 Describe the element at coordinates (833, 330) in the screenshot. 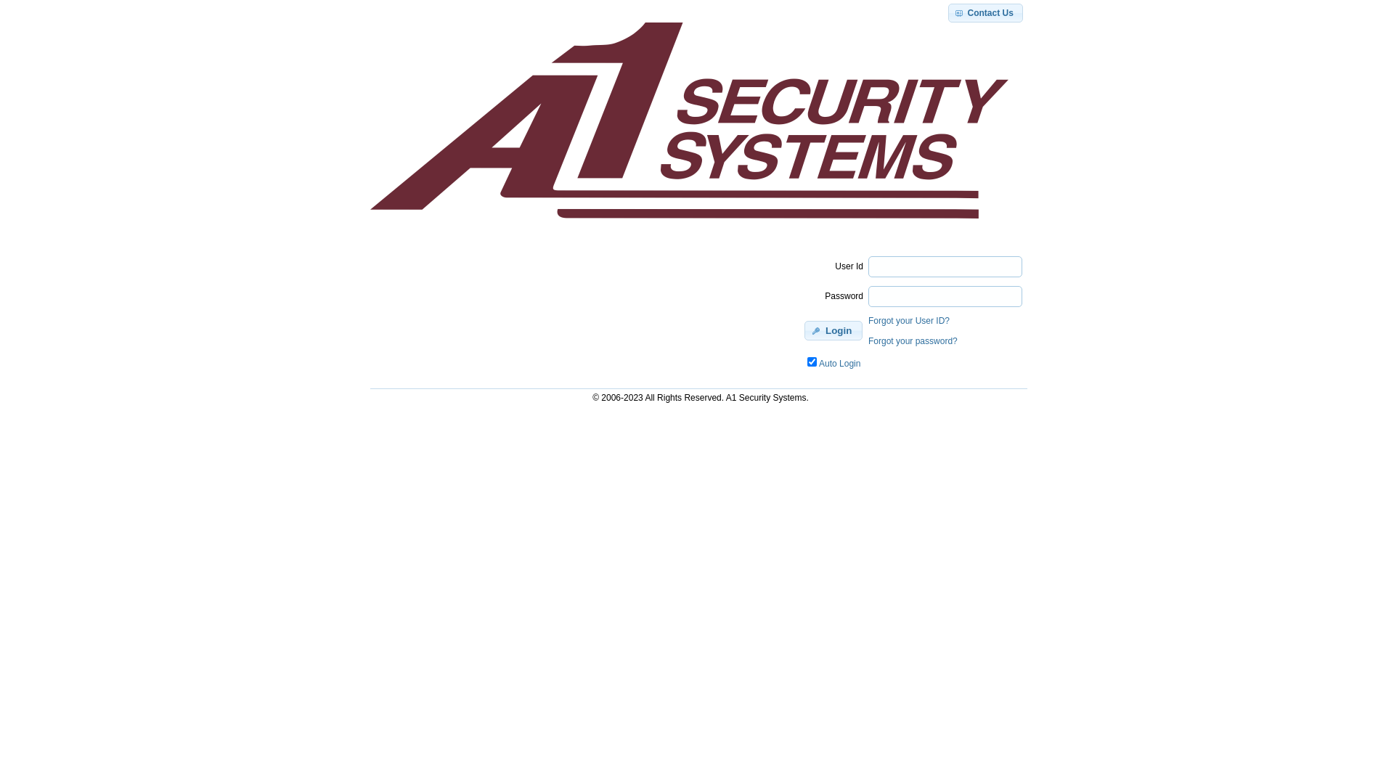

I see `'Login'` at that location.